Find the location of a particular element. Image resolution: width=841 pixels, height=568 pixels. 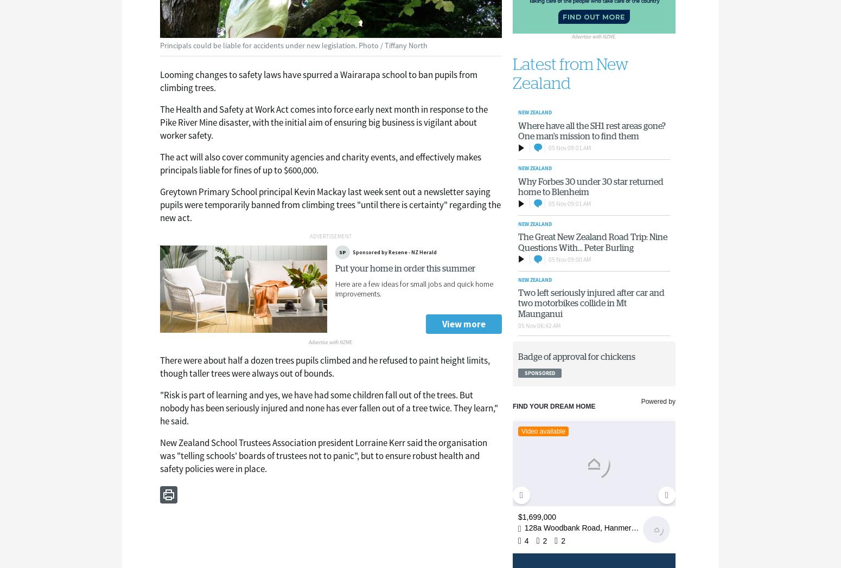

'05 Nov 06:42 AM' is located at coordinates (517, 325).